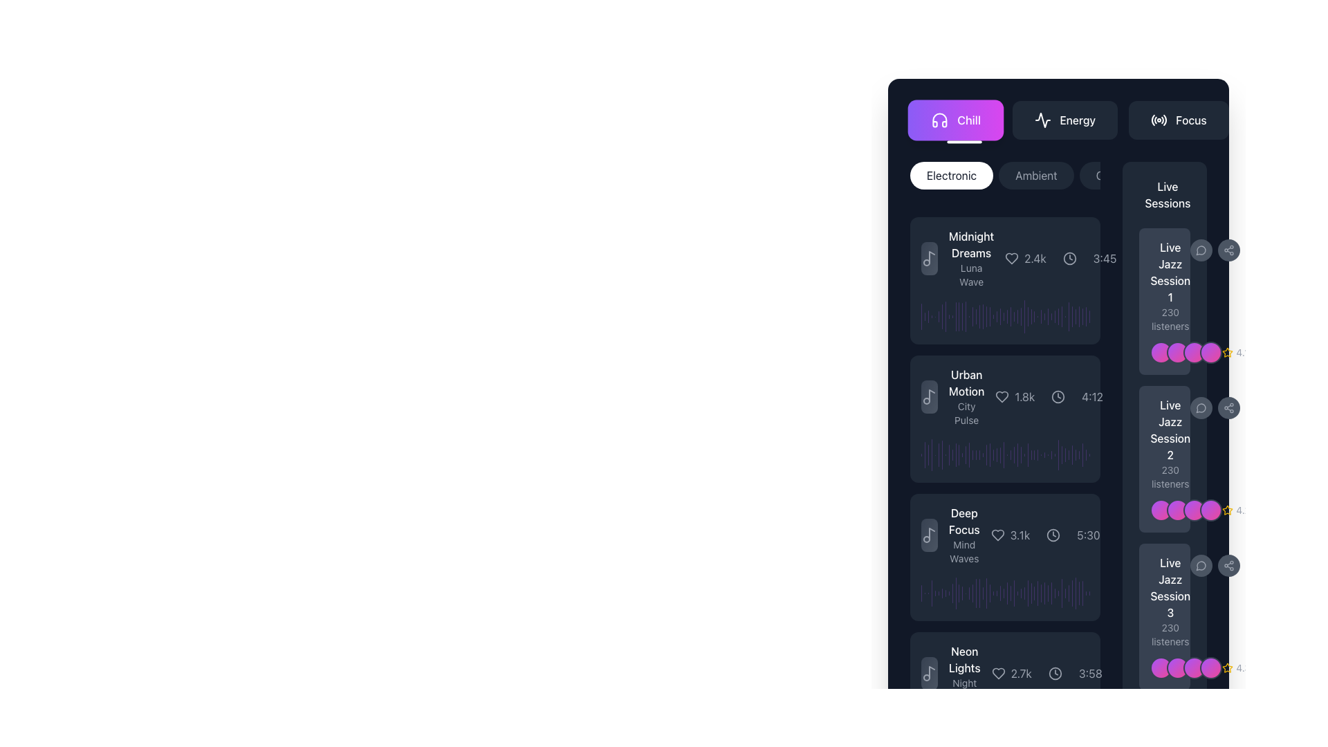 This screenshot has width=1328, height=747. What do you see at coordinates (972, 592) in the screenshot?
I see `the 16th vertical bar in the purple semi-transparent chart` at bounding box center [972, 592].